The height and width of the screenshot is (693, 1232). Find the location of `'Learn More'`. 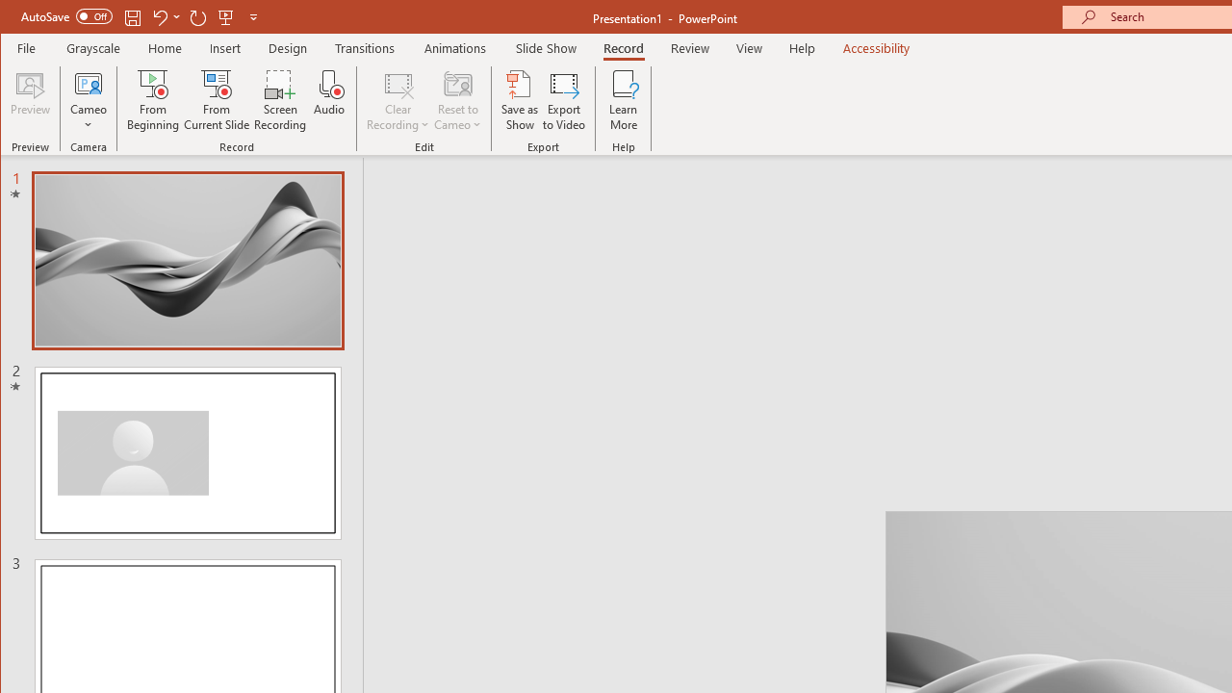

'Learn More' is located at coordinates (624, 100).